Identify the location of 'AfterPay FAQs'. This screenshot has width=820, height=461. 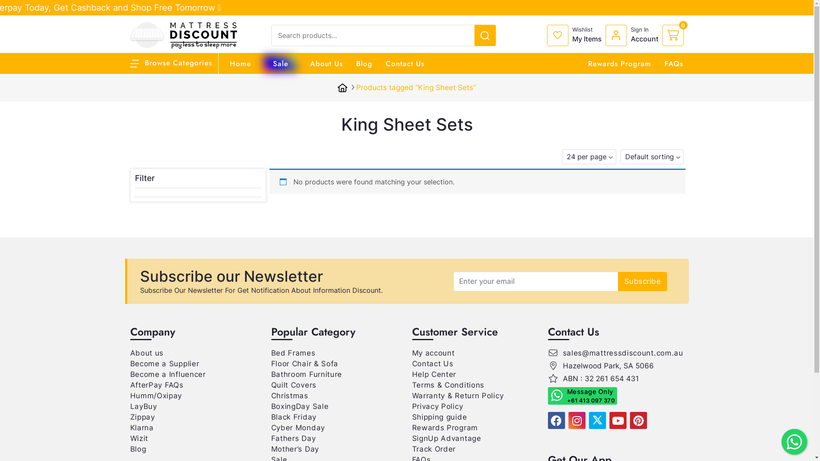
(156, 385).